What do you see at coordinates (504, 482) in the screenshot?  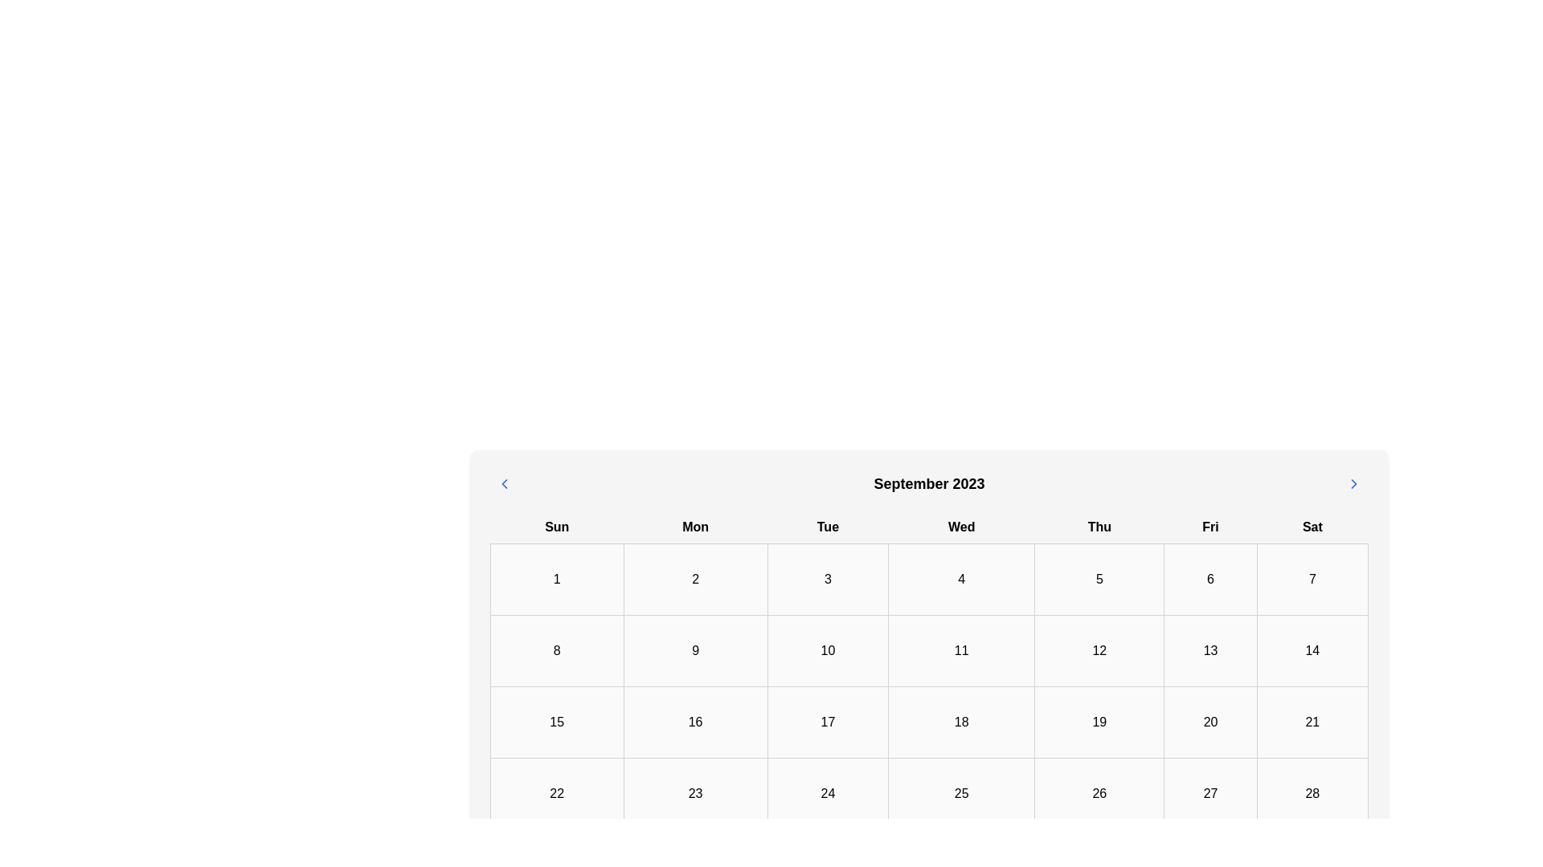 I see `the left-facing chevron icon button located at the top-left corner of the calendar display` at bounding box center [504, 482].